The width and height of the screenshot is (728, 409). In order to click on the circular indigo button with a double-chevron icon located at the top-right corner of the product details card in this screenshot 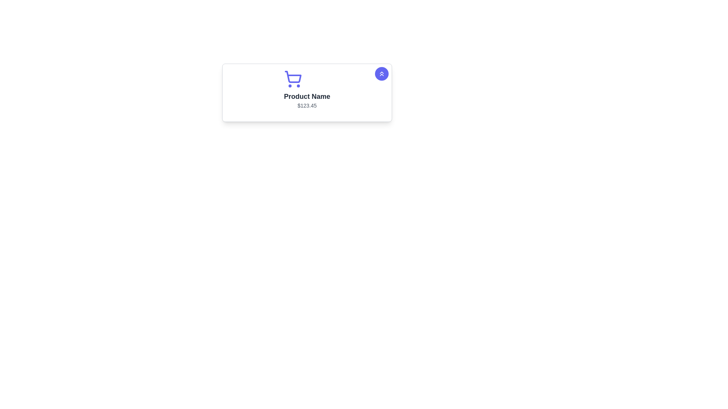, I will do `click(382, 74)`.